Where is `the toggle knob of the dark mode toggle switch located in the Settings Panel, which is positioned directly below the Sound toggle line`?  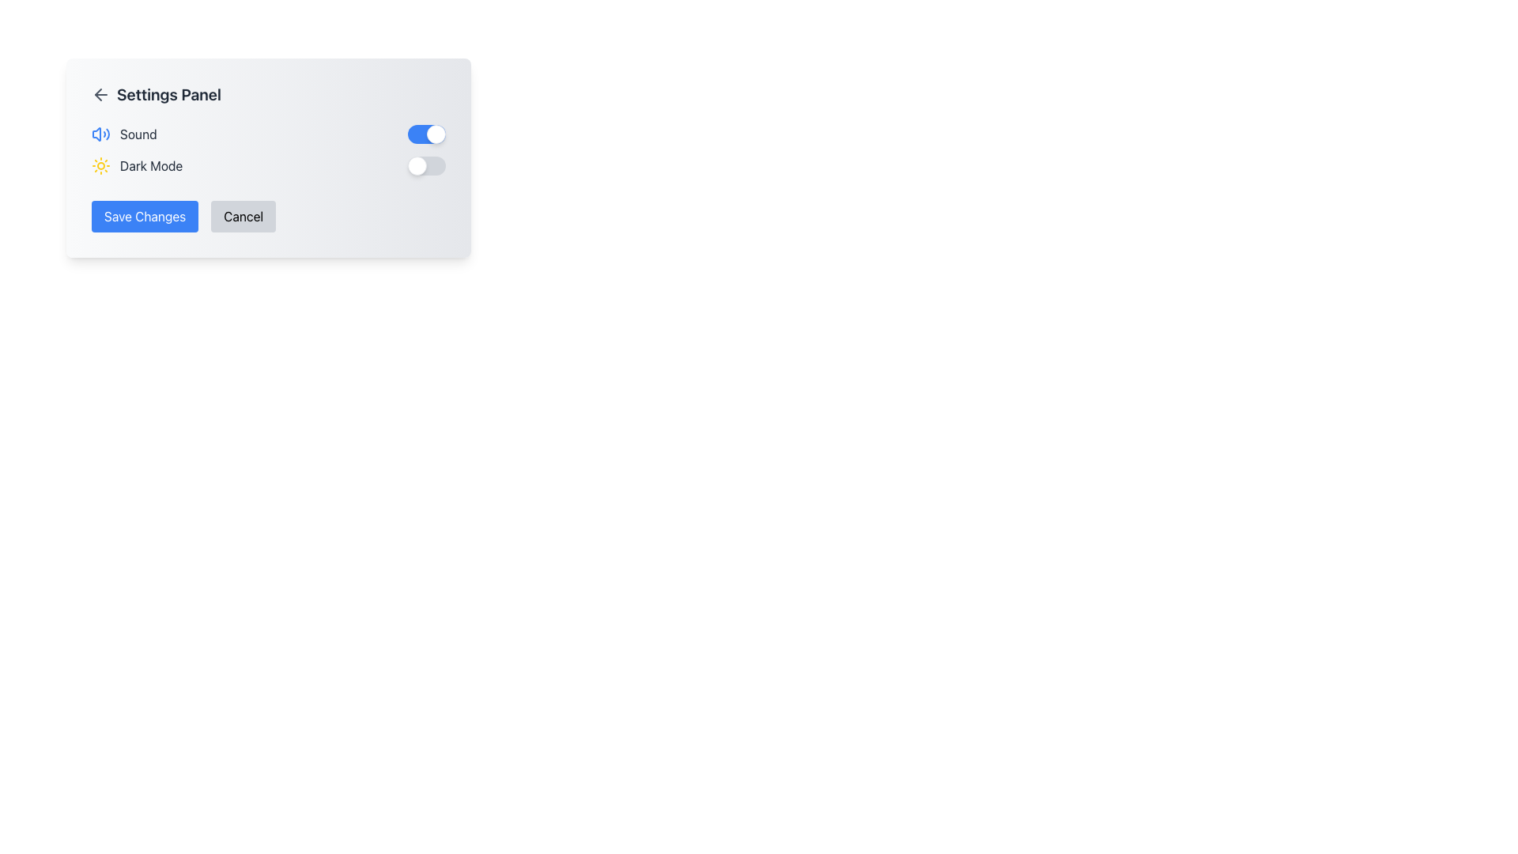
the toggle knob of the dark mode toggle switch located in the Settings Panel, which is positioned directly below the Sound toggle line is located at coordinates (269, 165).